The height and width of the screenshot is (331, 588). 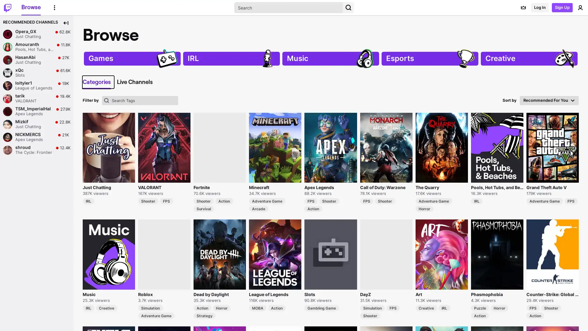 What do you see at coordinates (313, 208) in the screenshot?
I see `Action` at bounding box center [313, 208].